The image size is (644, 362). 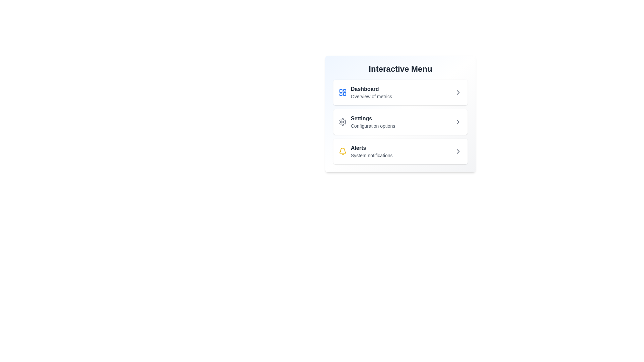 I want to click on the notification icon located to the left of the text 'Alerts' within the third menu item under 'Interactive Menu', so click(x=343, y=151).